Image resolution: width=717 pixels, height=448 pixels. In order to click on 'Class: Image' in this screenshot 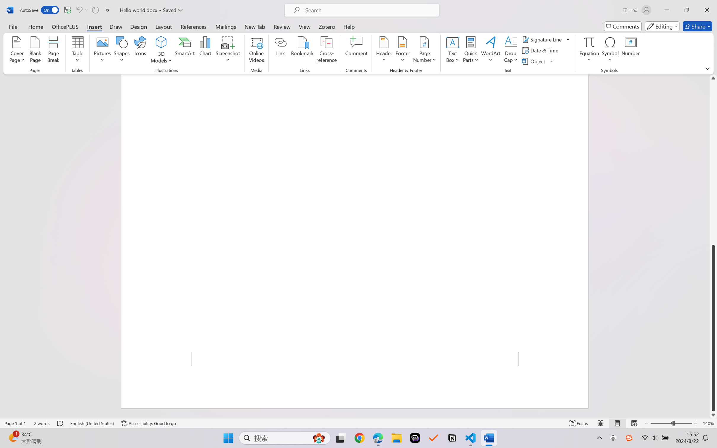, I will do `click(629, 438)`.